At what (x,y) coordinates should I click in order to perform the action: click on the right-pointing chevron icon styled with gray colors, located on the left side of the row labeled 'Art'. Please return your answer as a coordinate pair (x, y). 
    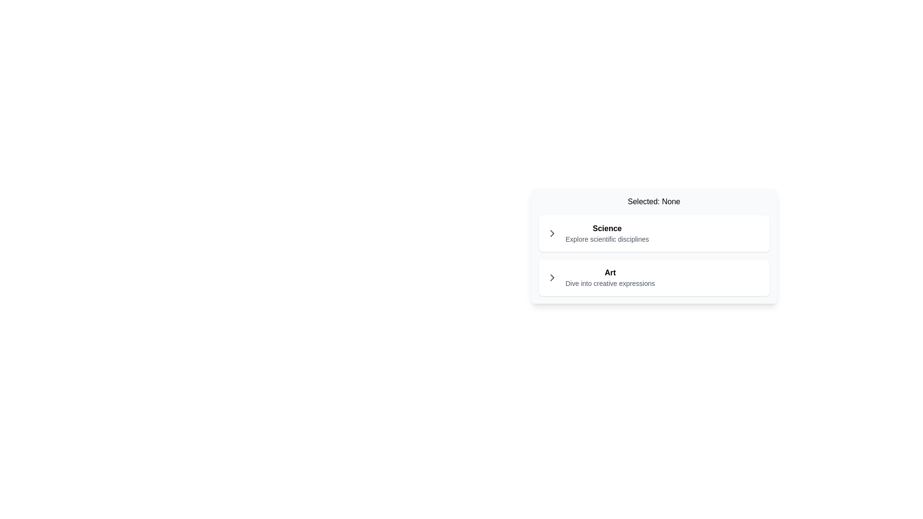
    Looking at the image, I should click on (552, 278).